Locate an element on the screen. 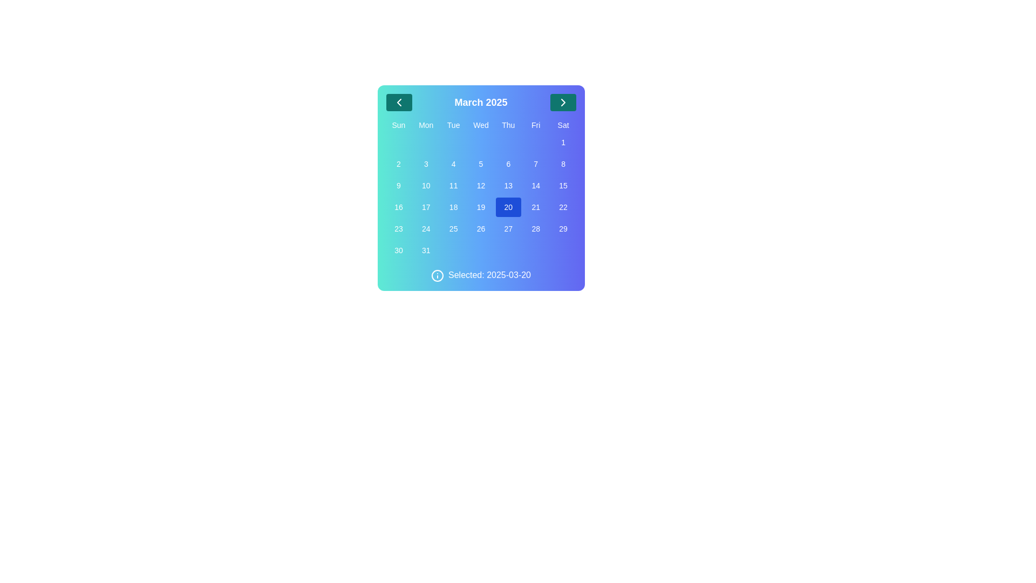 This screenshot has width=1036, height=583. the button representing the date '6' in the calendar is located at coordinates (507, 164).